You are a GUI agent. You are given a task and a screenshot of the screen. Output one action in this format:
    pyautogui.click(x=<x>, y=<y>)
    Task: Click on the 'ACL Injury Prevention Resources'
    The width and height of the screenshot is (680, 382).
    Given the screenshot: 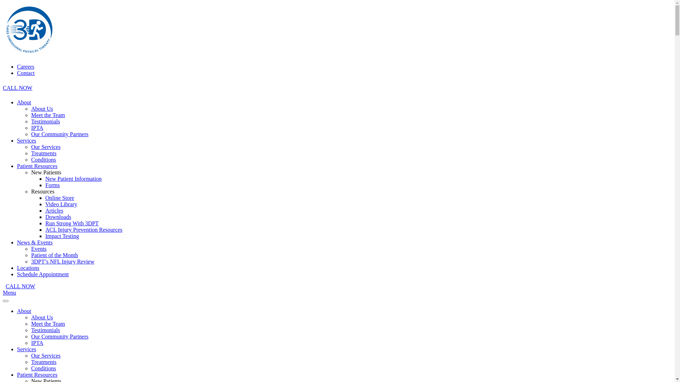 What is the action you would take?
    pyautogui.click(x=84, y=230)
    